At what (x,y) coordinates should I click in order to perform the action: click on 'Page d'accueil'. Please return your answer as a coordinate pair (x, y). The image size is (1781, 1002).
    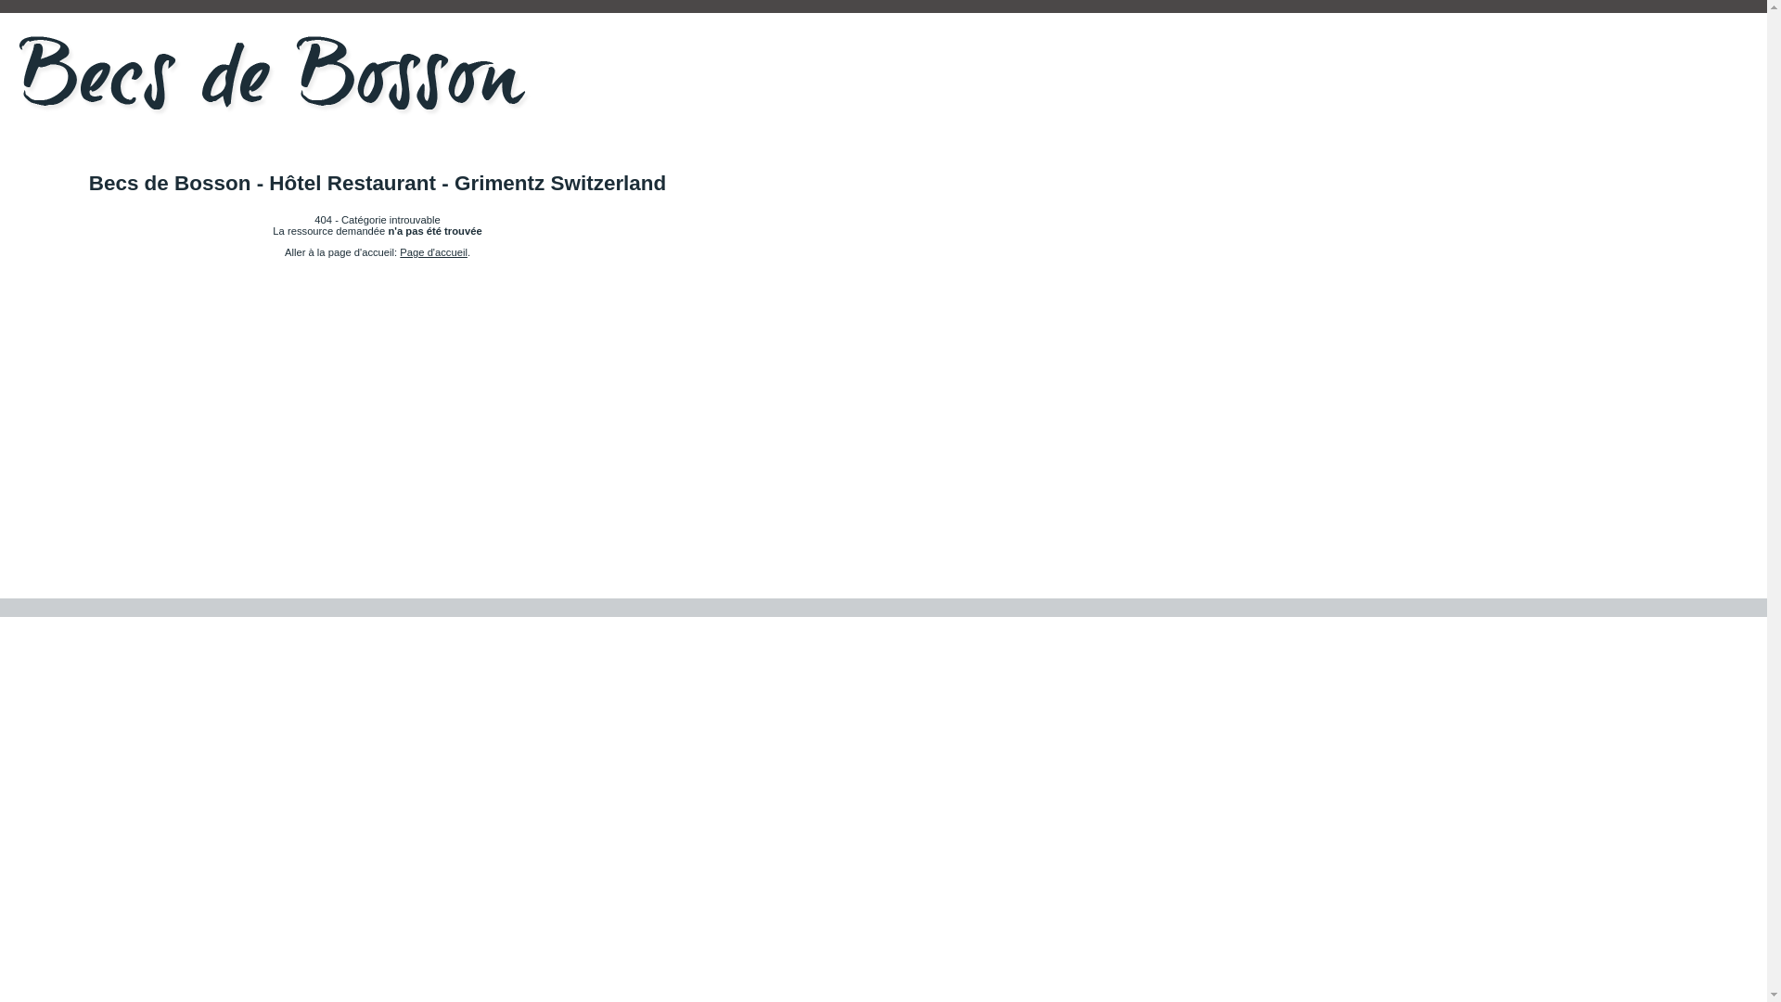
    Looking at the image, I should click on (399, 252).